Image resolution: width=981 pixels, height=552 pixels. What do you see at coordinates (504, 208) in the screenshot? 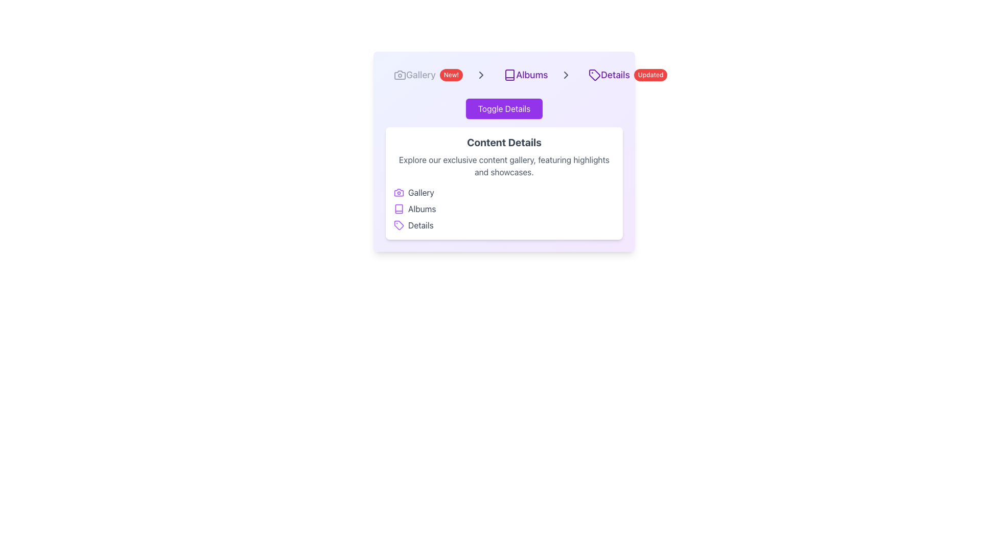
I see `the list of items with icons titled 'Content Details' for keyboard navigation` at bounding box center [504, 208].